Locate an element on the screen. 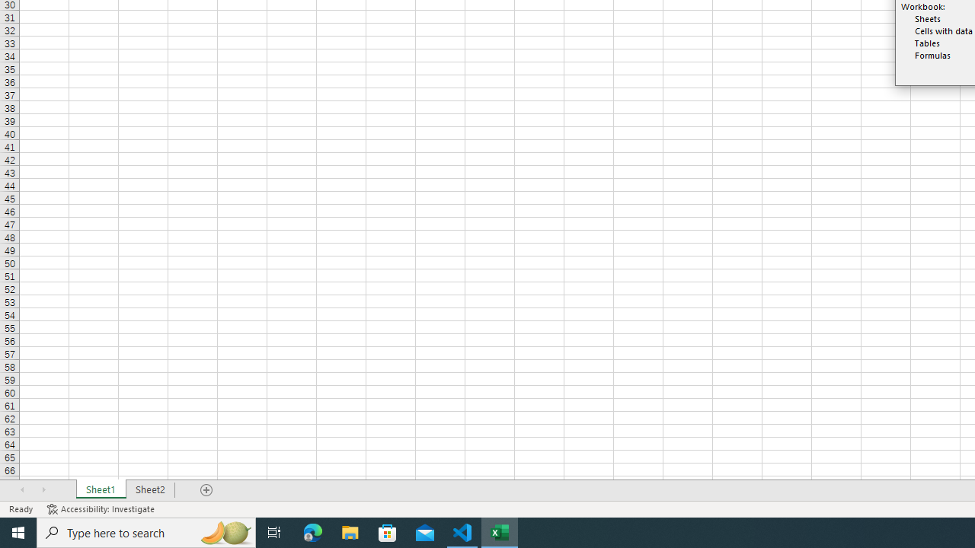  'Task View' is located at coordinates (273, 531).